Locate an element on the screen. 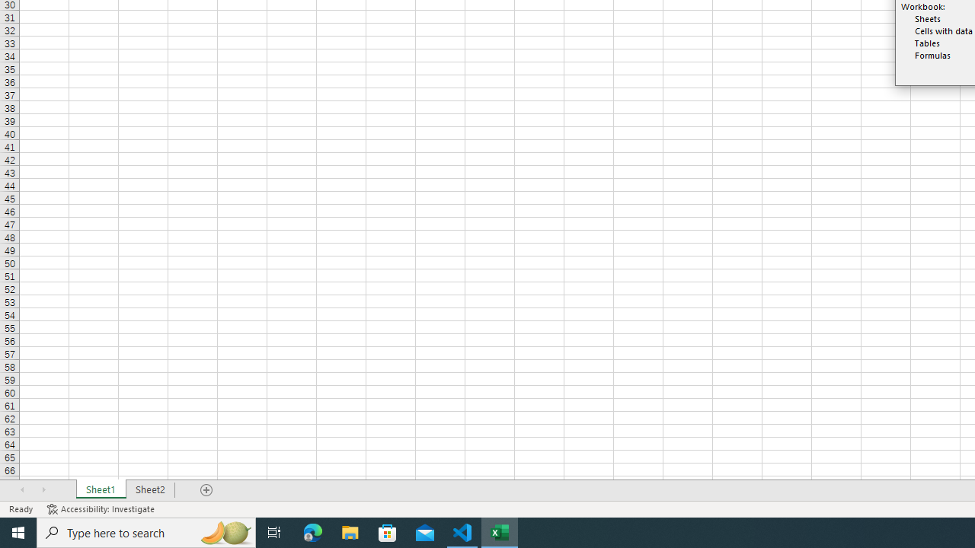  'Task View' is located at coordinates (273, 531).